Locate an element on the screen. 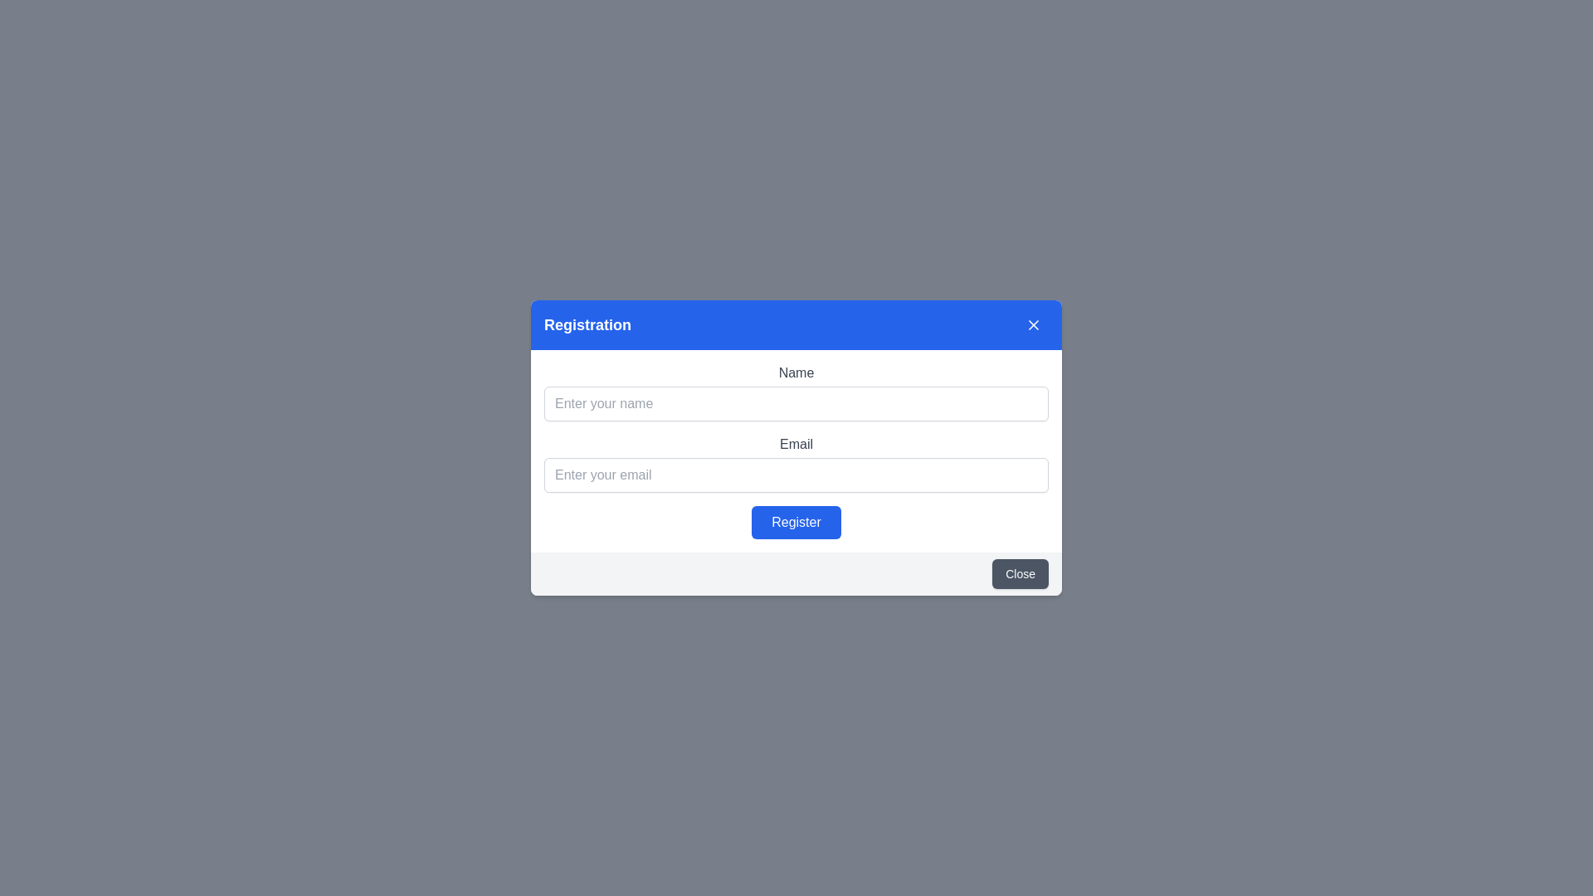 The width and height of the screenshot is (1593, 896). the 'Email' label, which is a dark gray text label positioned above the email input field in the center of the modal is located at coordinates (796, 444).